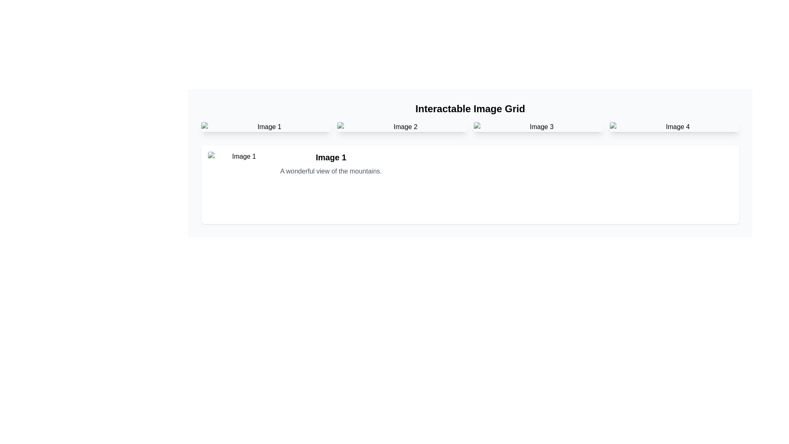  What do you see at coordinates (674, 127) in the screenshot?
I see `the image labeled 'Image 4' which is located in the top right corner of the grid layout, featuring rounded corners and a shadow effect` at bounding box center [674, 127].